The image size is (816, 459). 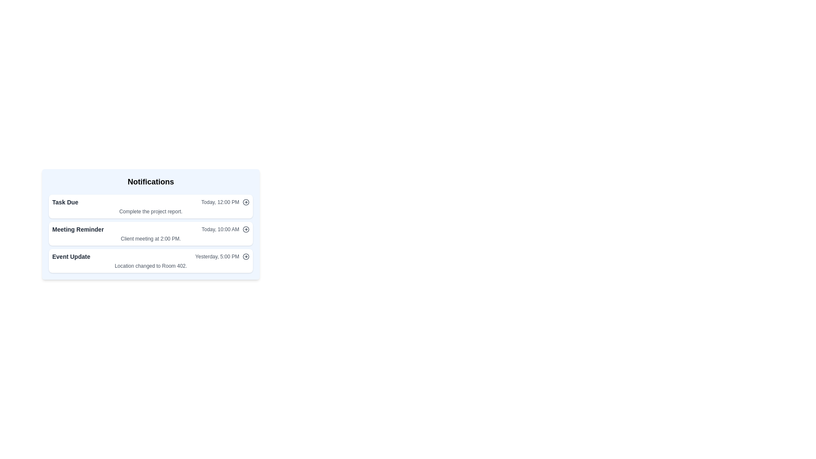 I want to click on timestamp label with an icon located in the bottom-right of the 'Event Update' notification row within the 'Notifications' panel, so click(x=222, y=256).